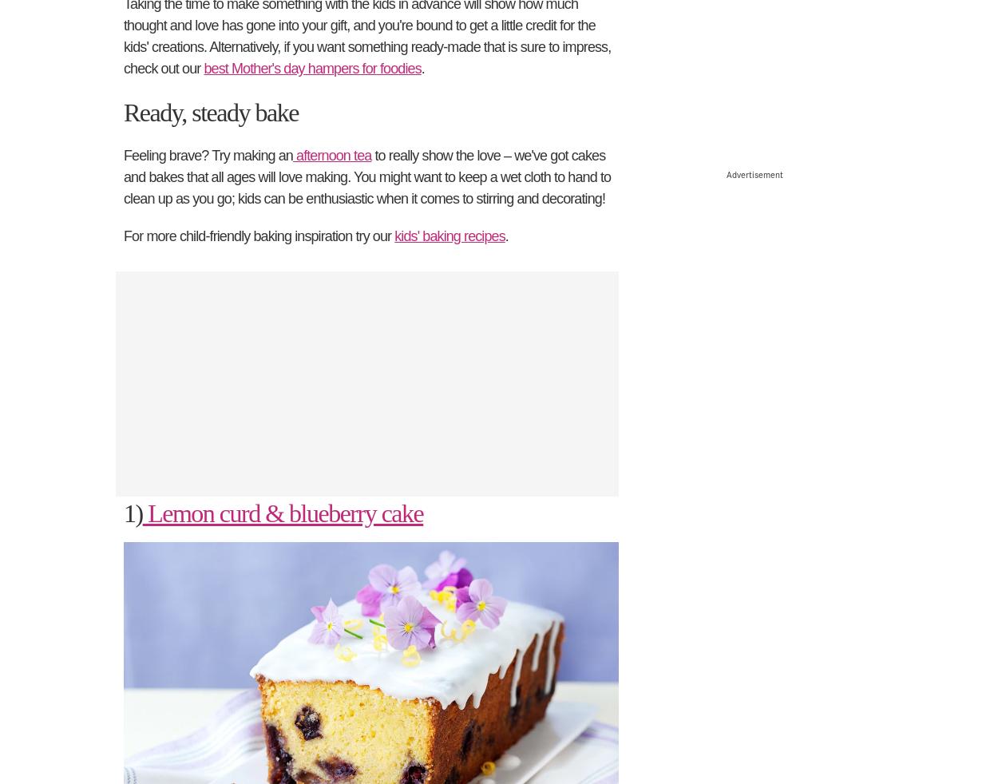 The height and width of the screenshot is (784, 998). Describe the element at coordinates (424, 711) in the screenshot. I see `'Terms & Conditions'` at that location.